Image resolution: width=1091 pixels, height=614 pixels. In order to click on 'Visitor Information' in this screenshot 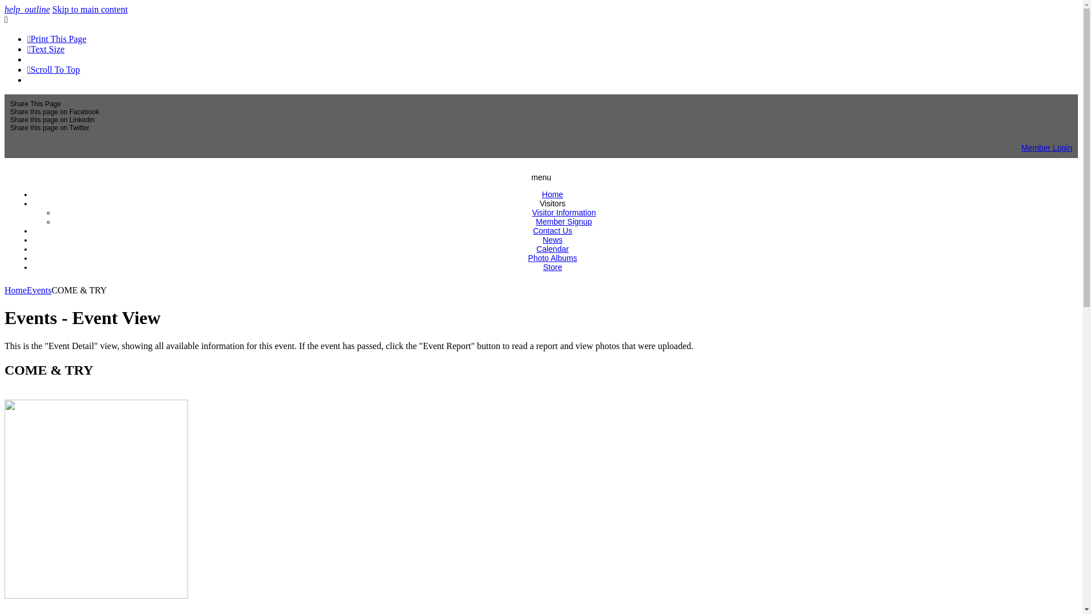, I will do `click(531, 213)`.